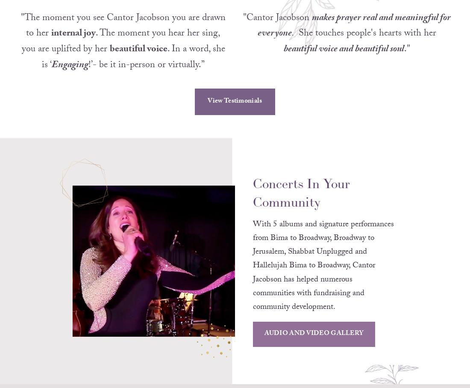 The image size is (470, 388). Describe the element at coordinates (302, 204) in the screenshot. I see `'Concerts In Your Community'` at that location.